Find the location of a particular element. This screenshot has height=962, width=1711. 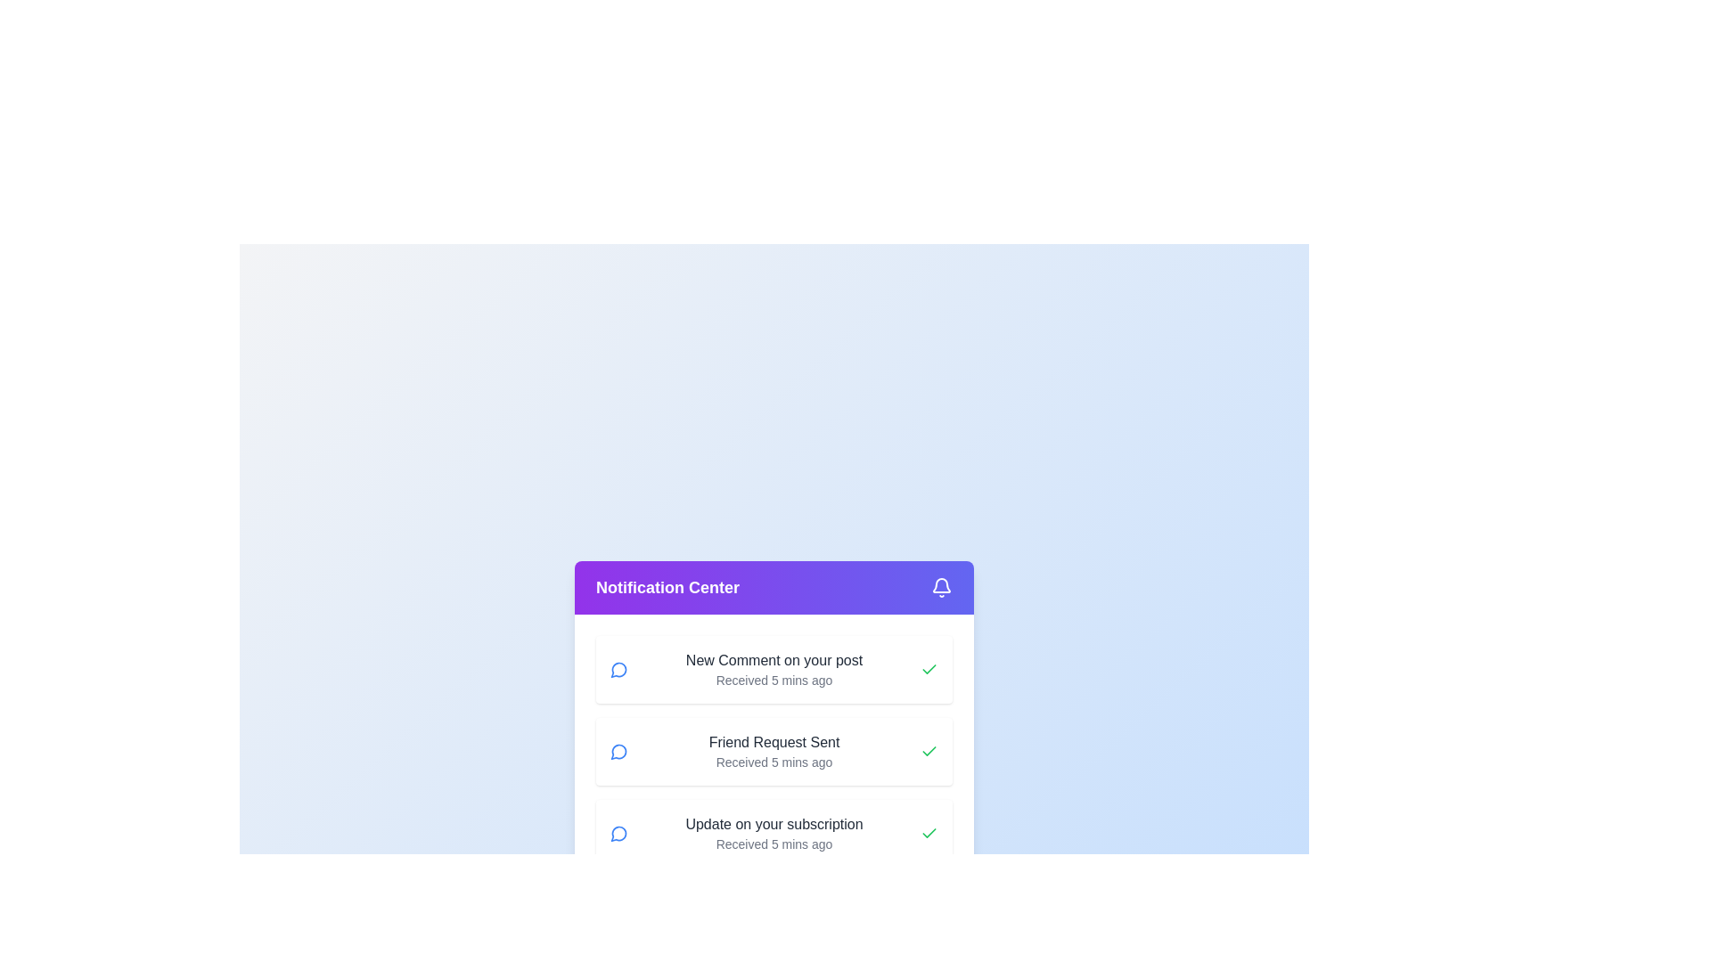

the gray text label stating 'Received 5 mins ago' which is located below the title 'Update on your subscription' within the notification card is located at coordinates (774, 844).